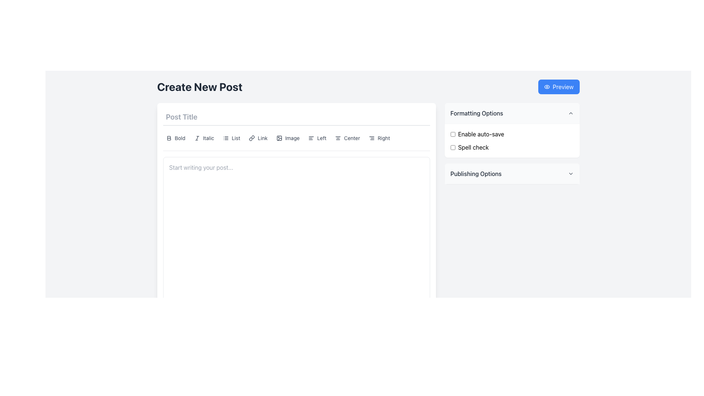 This screenshot has height=396, width=704. What do you see at coordinates (352, 138) in the screenshot?
I see `the 'Center' text label within the alignment button located in the center of the formatting toolbar` at bounding box center [352, 138].